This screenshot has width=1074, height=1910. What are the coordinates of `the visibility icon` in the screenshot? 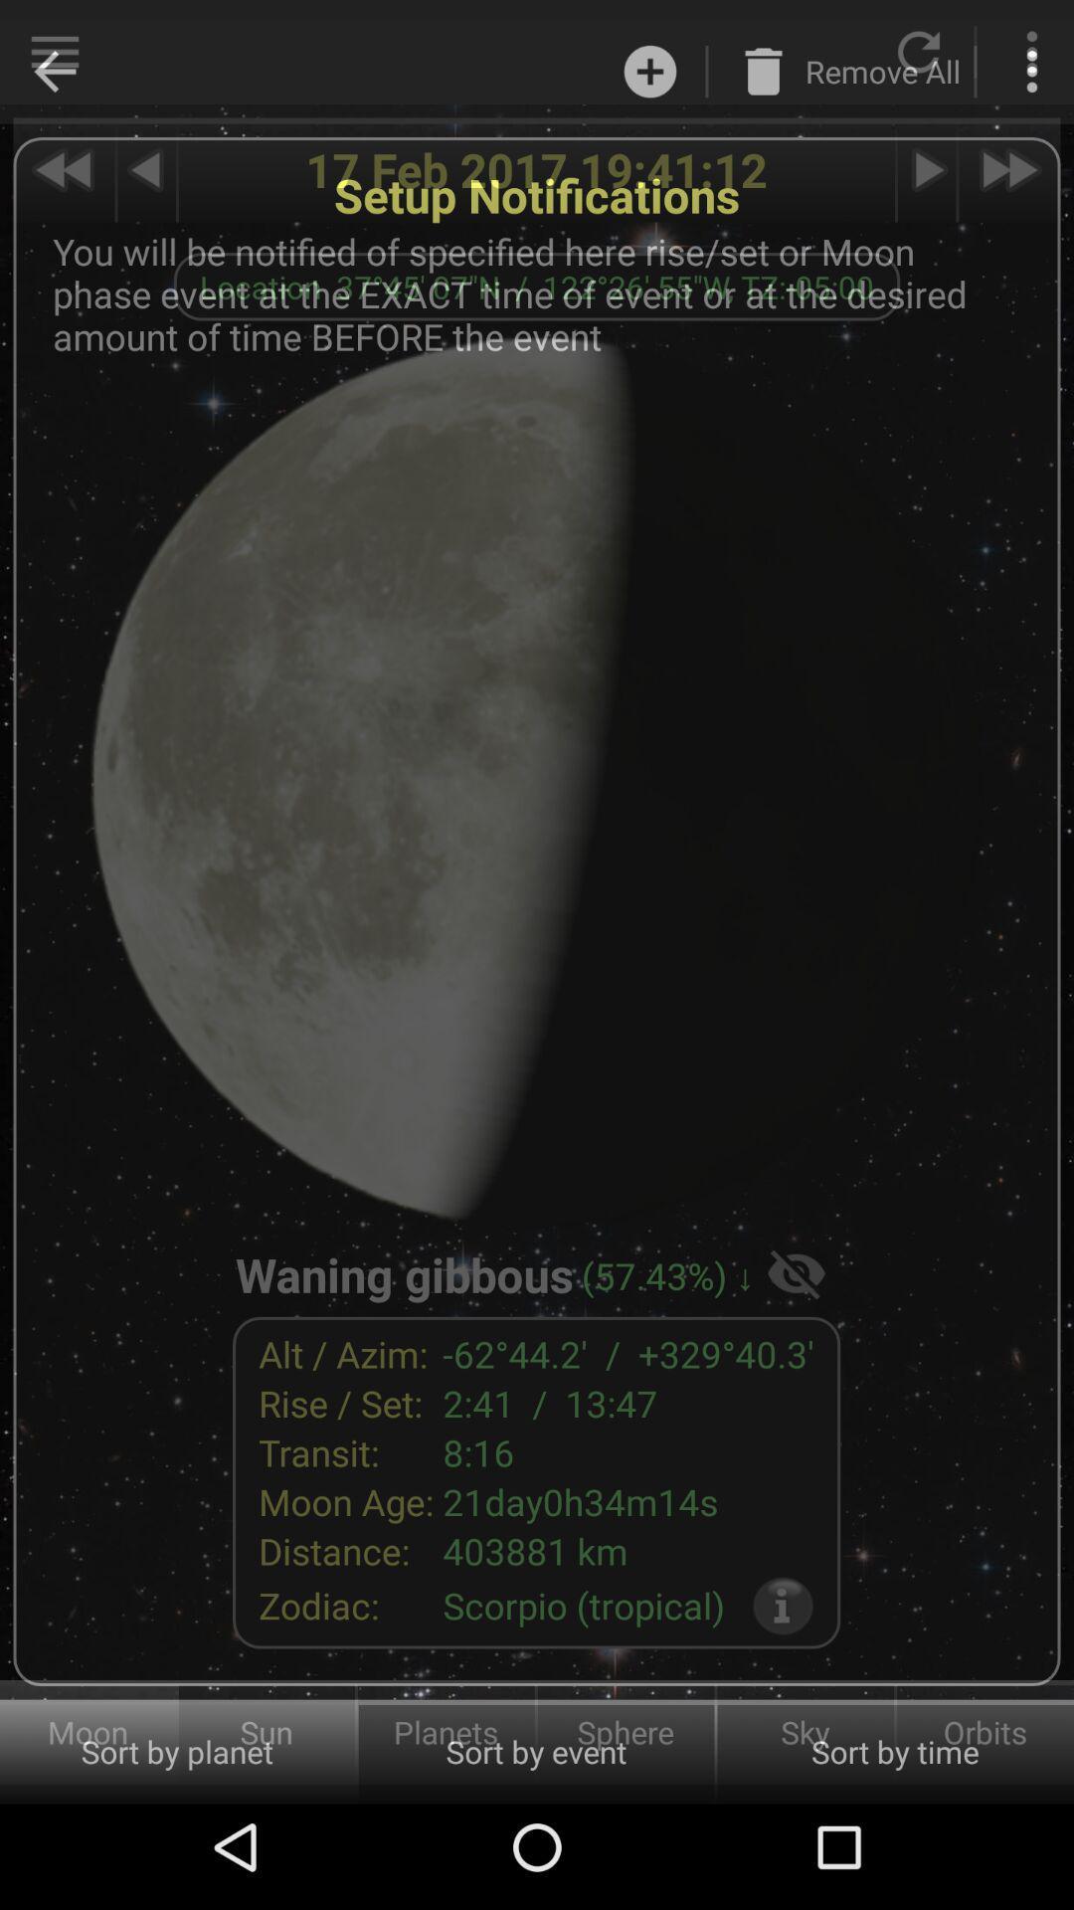 It's located at (796, 1271).